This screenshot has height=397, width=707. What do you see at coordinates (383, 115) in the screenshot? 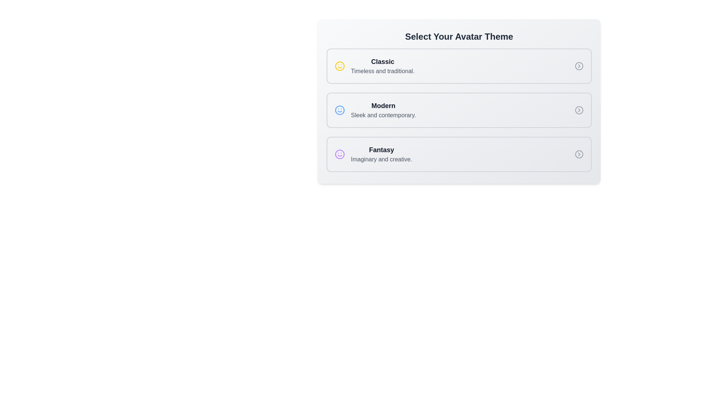
I see `the descriptive text label that provides details about the 'Modern' theme option, located beneath the 'Modern' label and to the right of the blue smiley face icon` at bounding box center [383, 115].